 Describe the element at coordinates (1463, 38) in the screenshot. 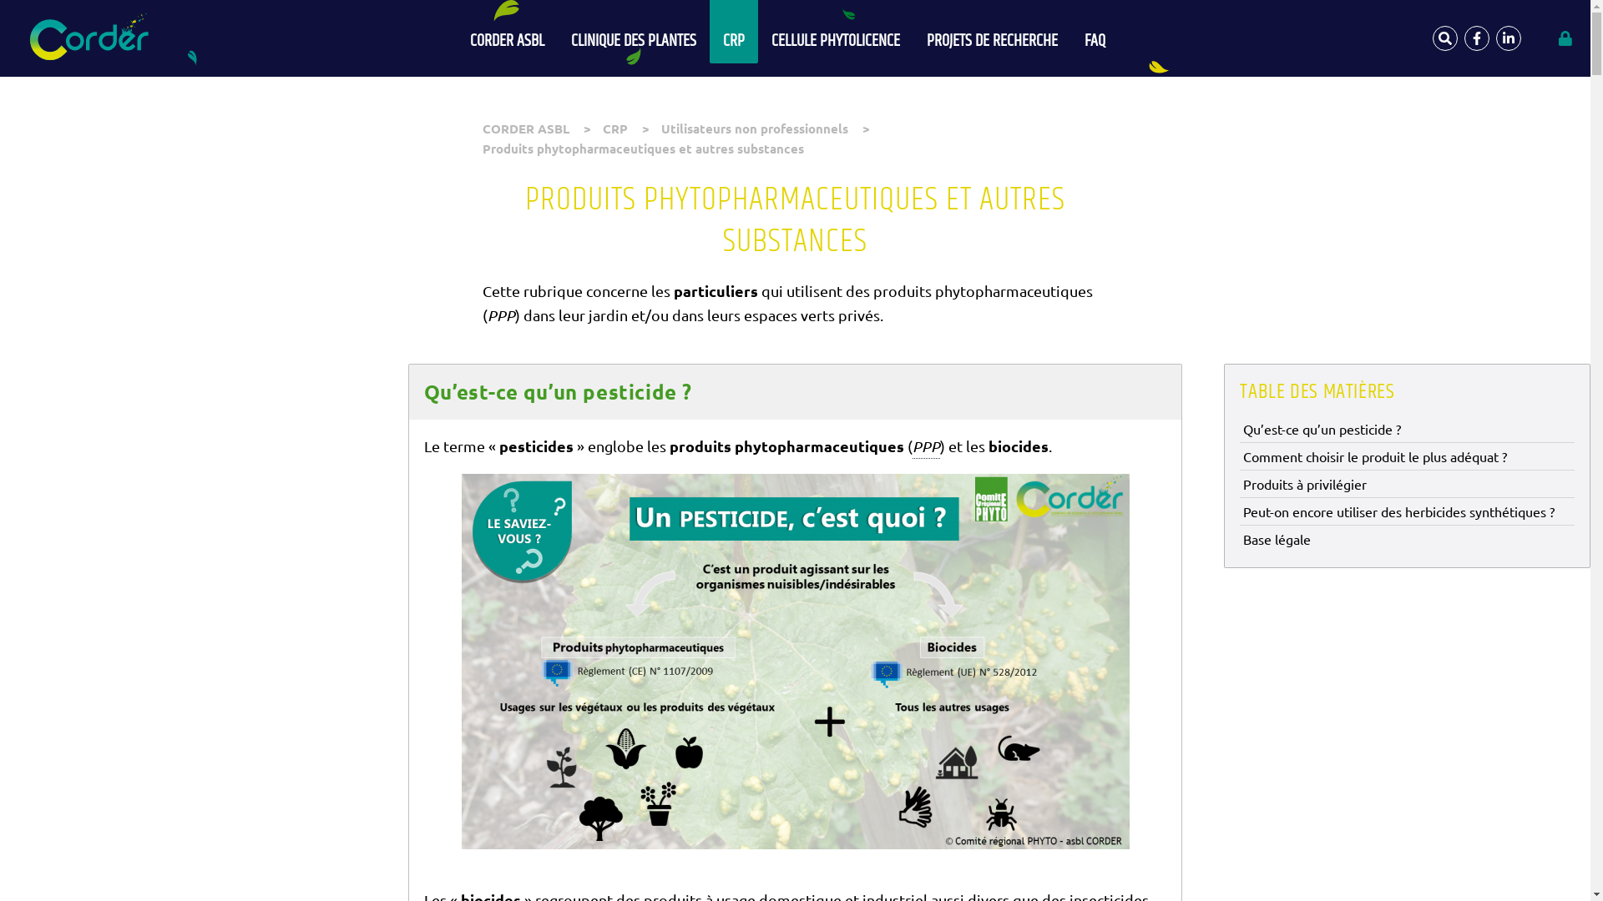

I see `'Lien vers la page Facebook CORDER'` at that location.